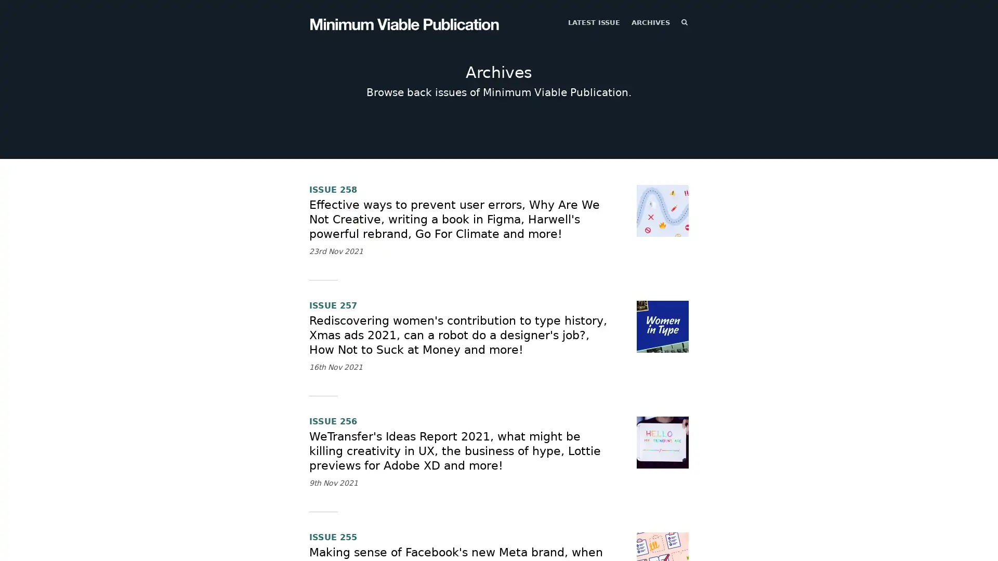  Describe the element at coordinates (311, 2) in the screenshot. I see `TOGGLE MENU` at that location.